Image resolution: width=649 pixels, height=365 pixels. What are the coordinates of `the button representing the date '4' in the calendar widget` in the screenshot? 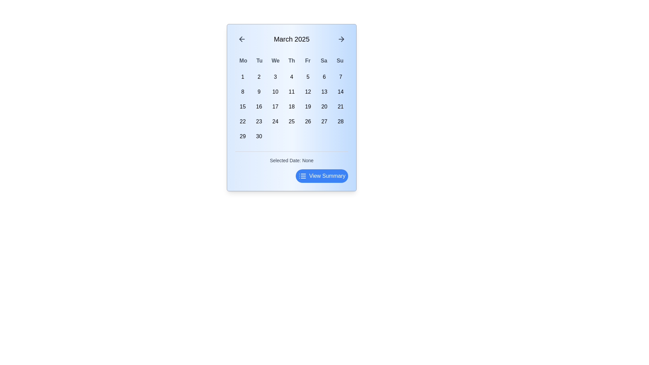 It's located at (292, 76).